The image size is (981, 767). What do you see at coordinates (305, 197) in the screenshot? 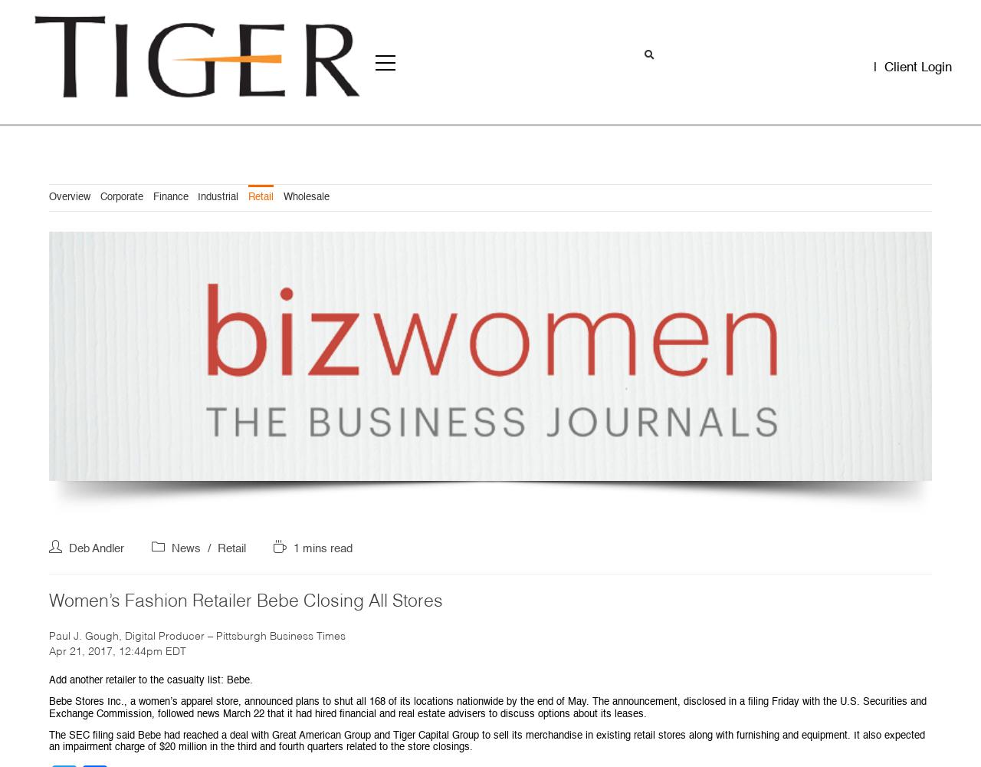
I see `'Wholesale'` at bounding box center [305, 197].